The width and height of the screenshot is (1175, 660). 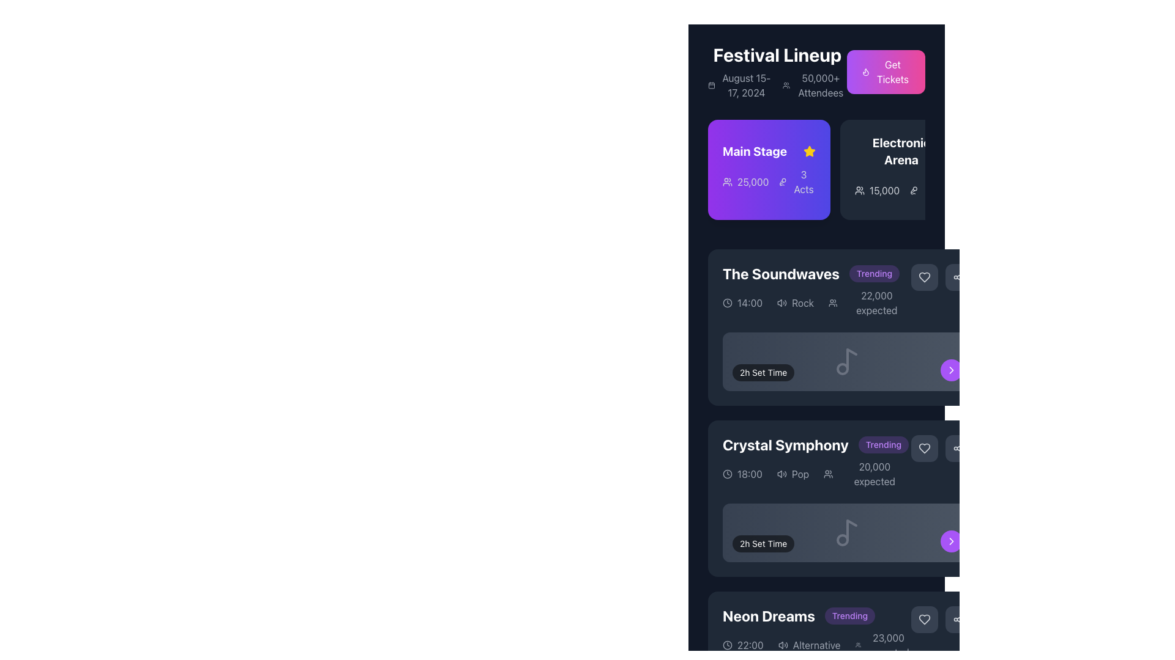 I want to click on the share button, which is a rounded rectangle with a gray background and an icon of interconnected circular nodes, located to the right of 'The Soundwaves' section as the second button in the row, so click(x=958, y=277).